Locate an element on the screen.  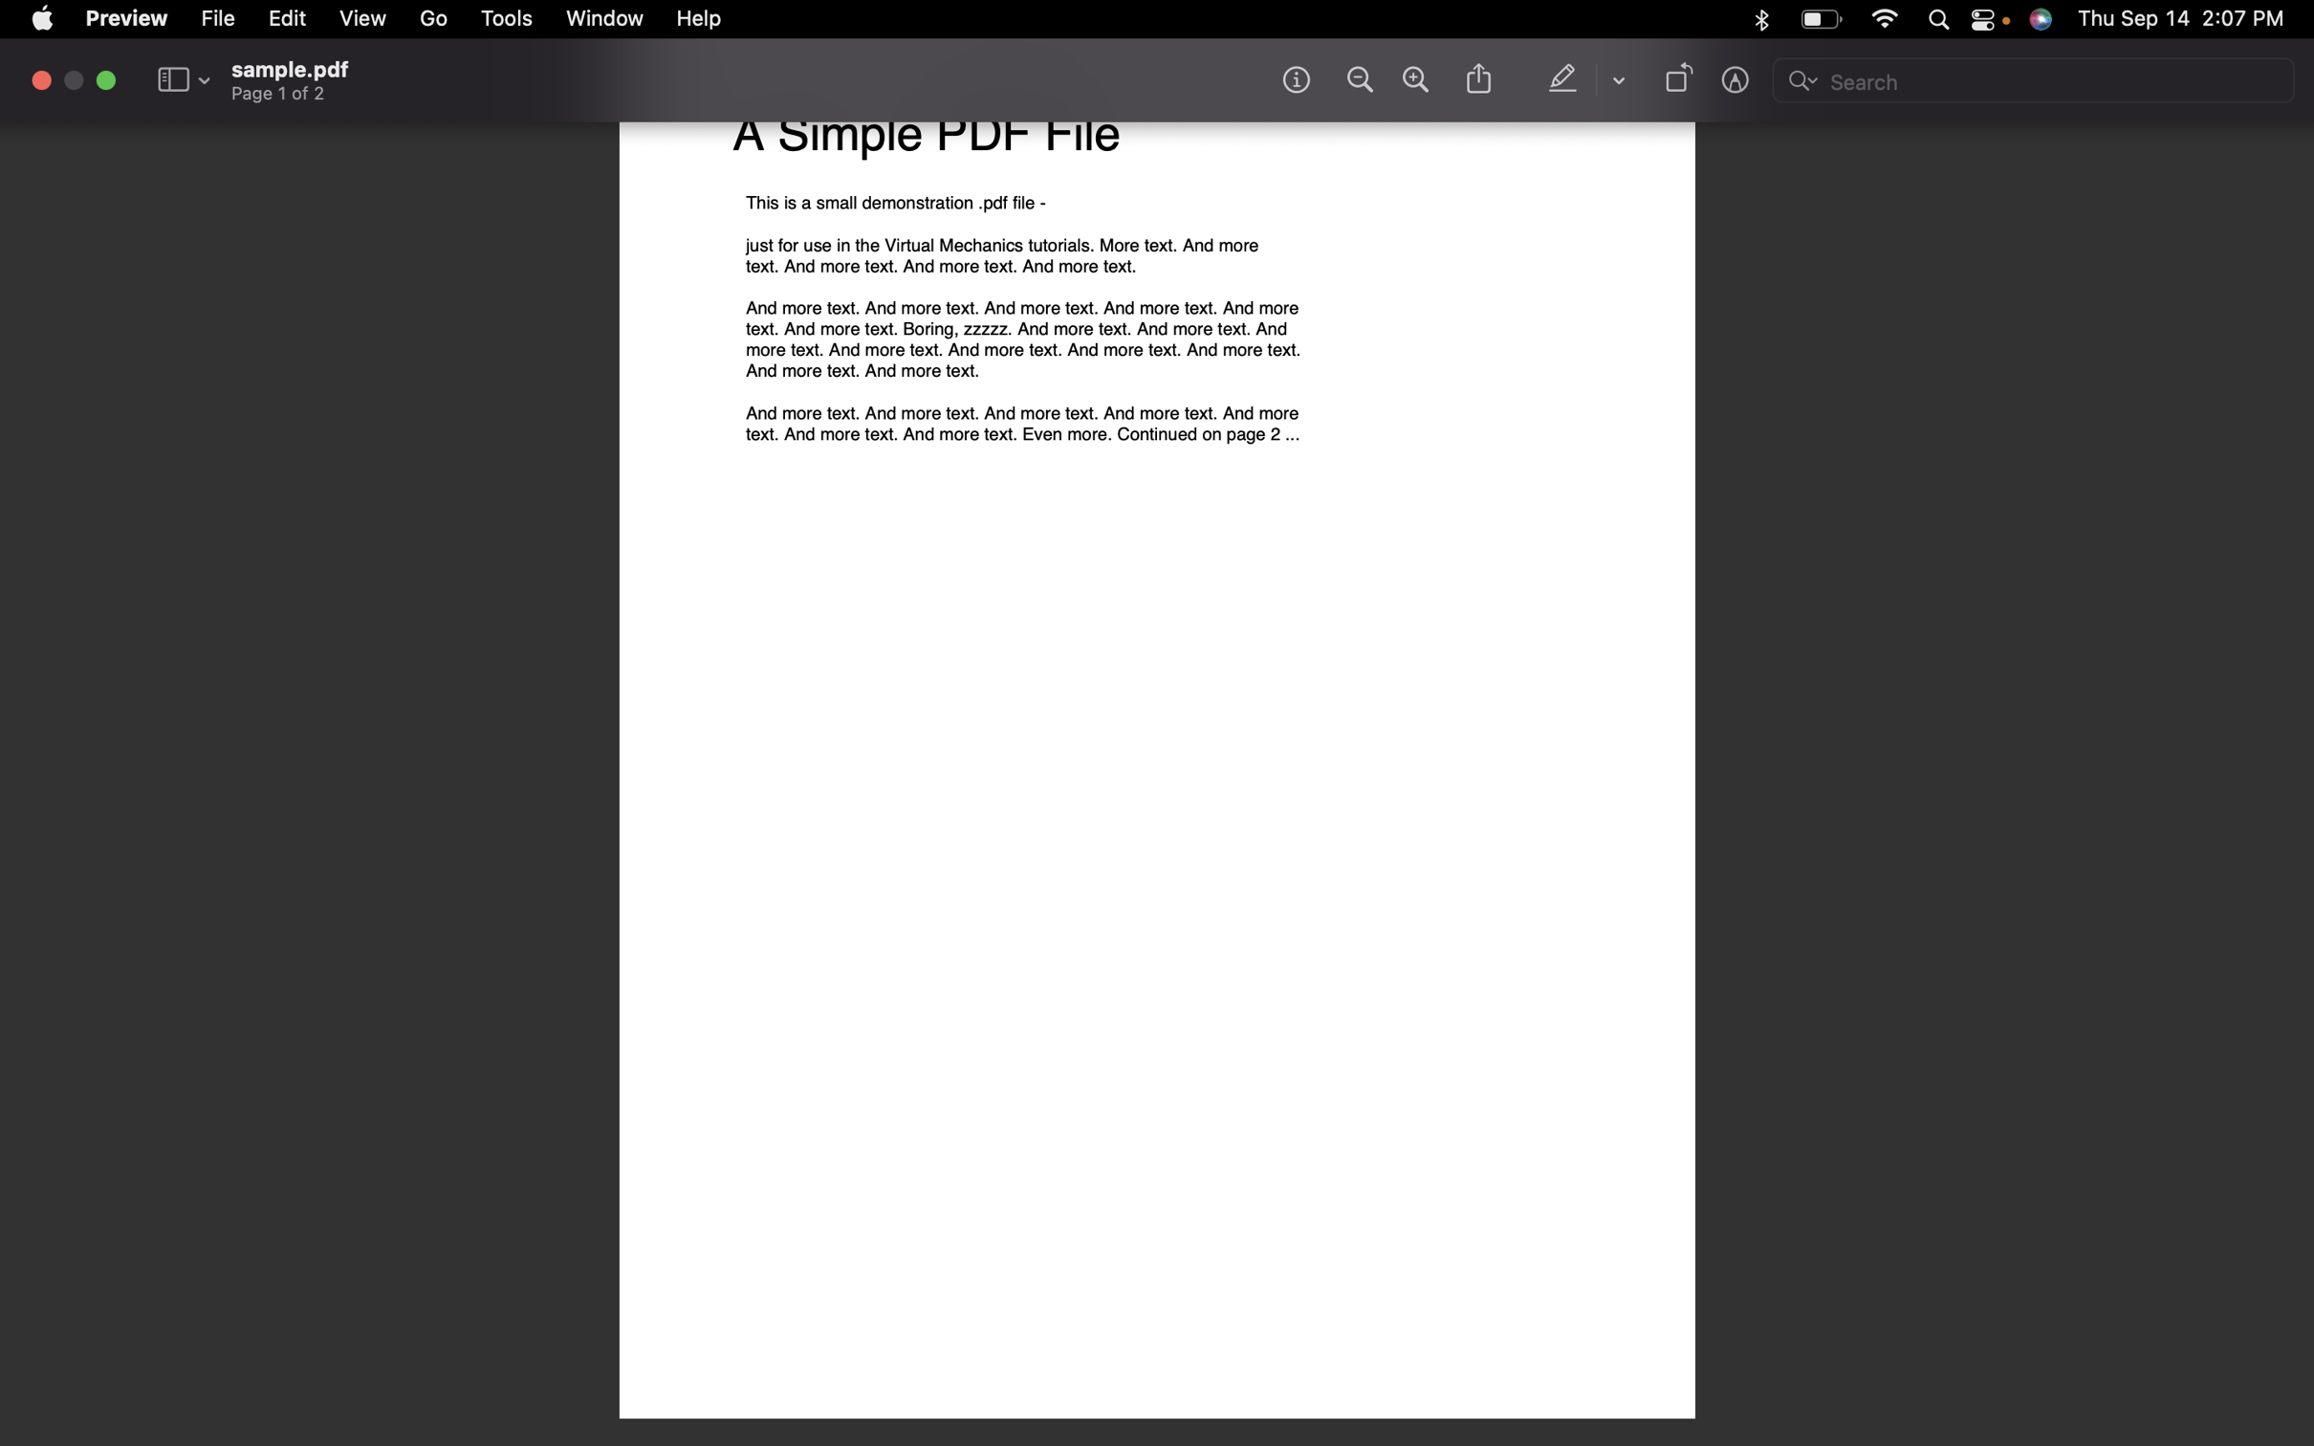
Zoom out of the document is located at coordinates (1356, 79).